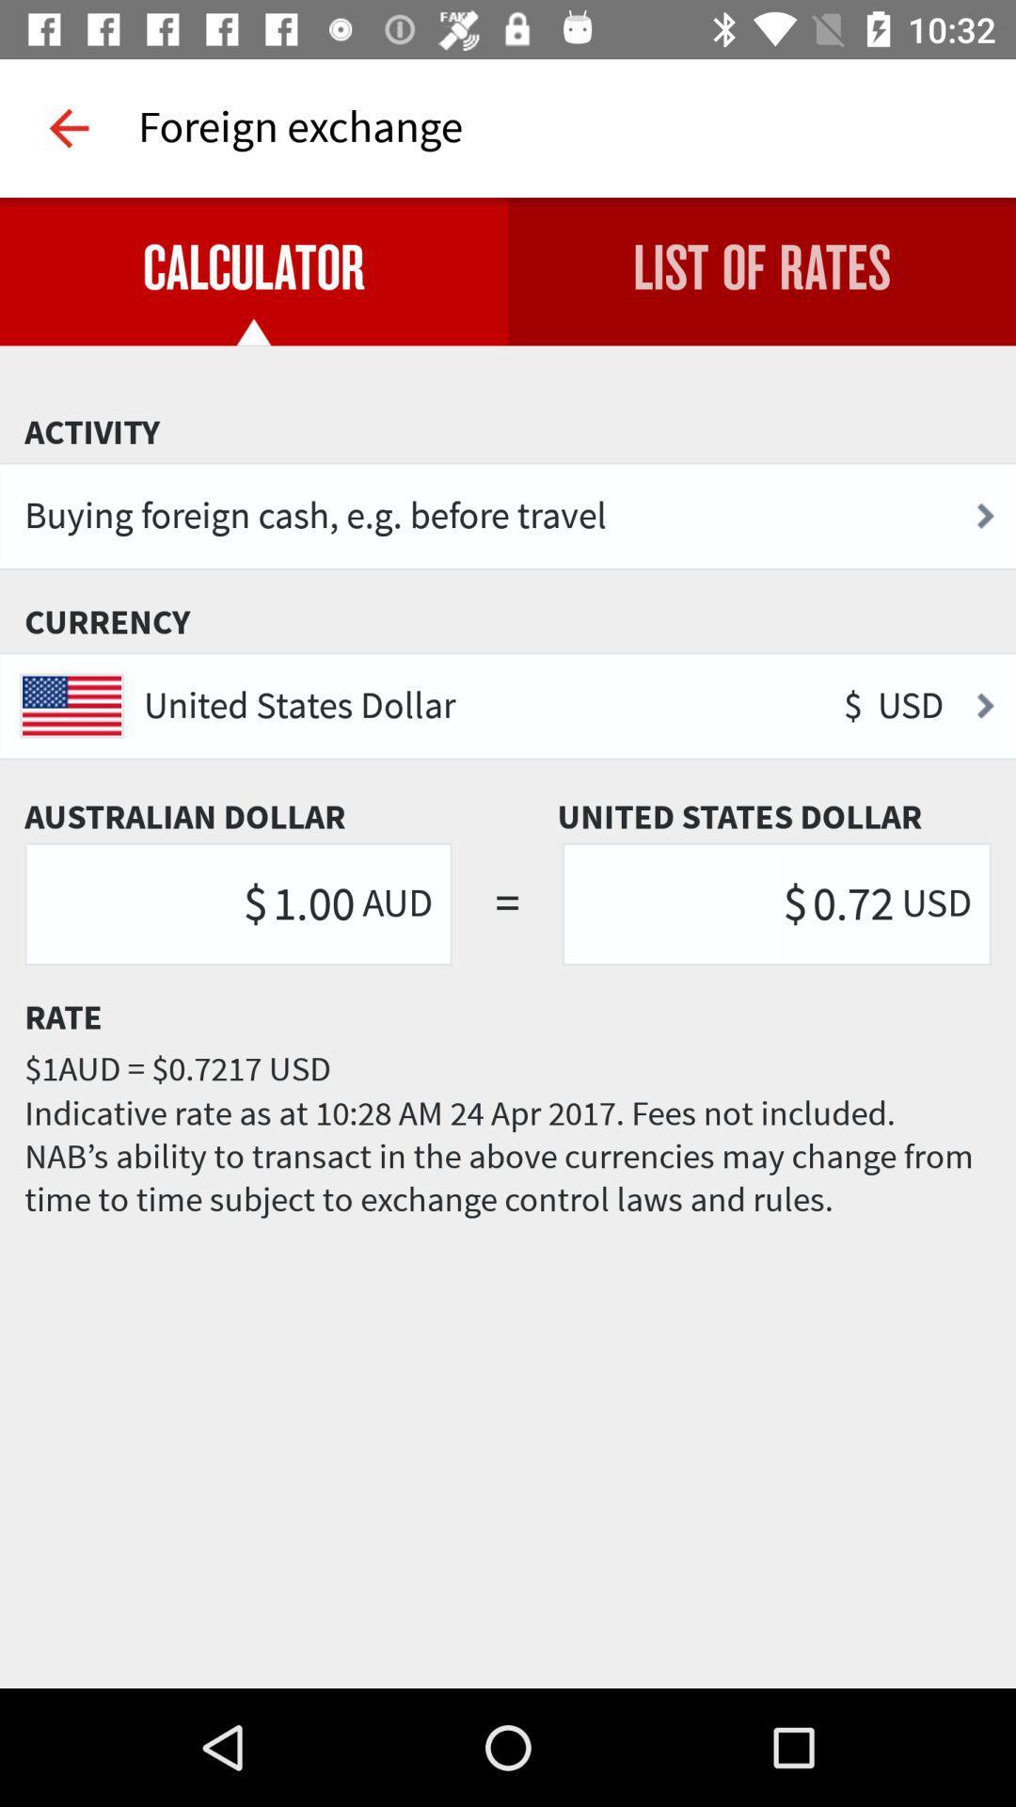  I want to click on the buying foreign cash, so click(508, 516).